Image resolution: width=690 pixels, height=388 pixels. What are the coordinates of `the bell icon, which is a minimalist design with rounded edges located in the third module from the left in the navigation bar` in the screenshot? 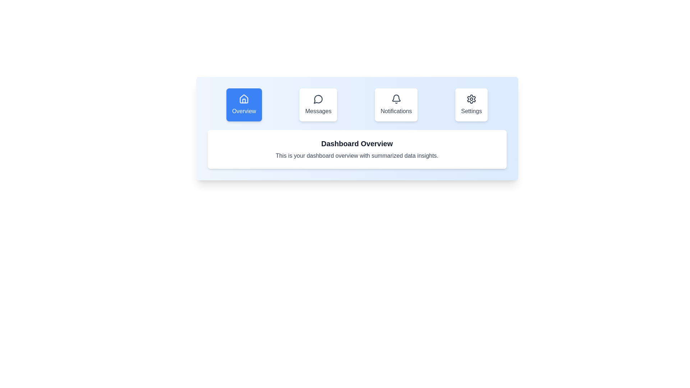 It's located at (396, 99).